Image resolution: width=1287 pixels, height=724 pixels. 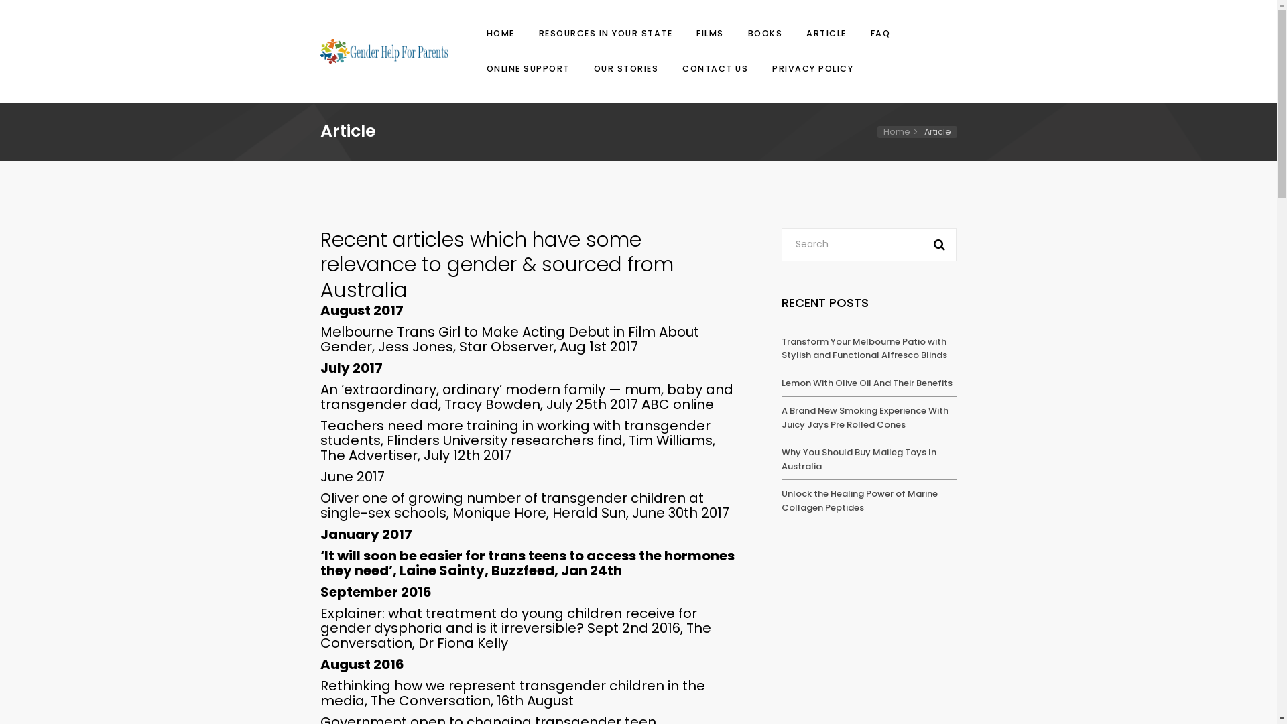 What do you see at coordinates (534, 33) in the screenshot?
I see `'RESOURCES IN YOUR STATE'` at bounding box center [534, 33].